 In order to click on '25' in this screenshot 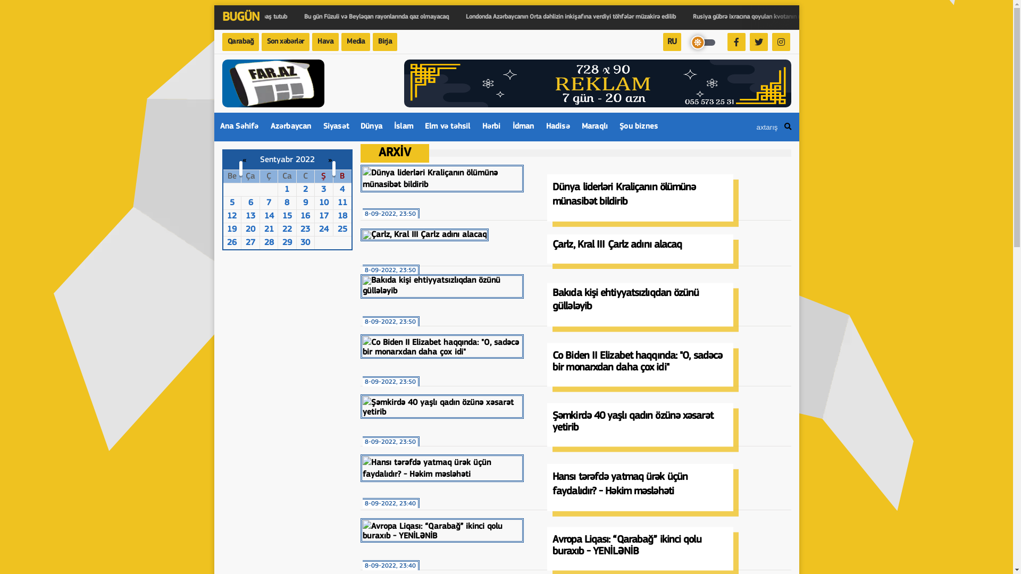, I will do `click(342, 229)`.